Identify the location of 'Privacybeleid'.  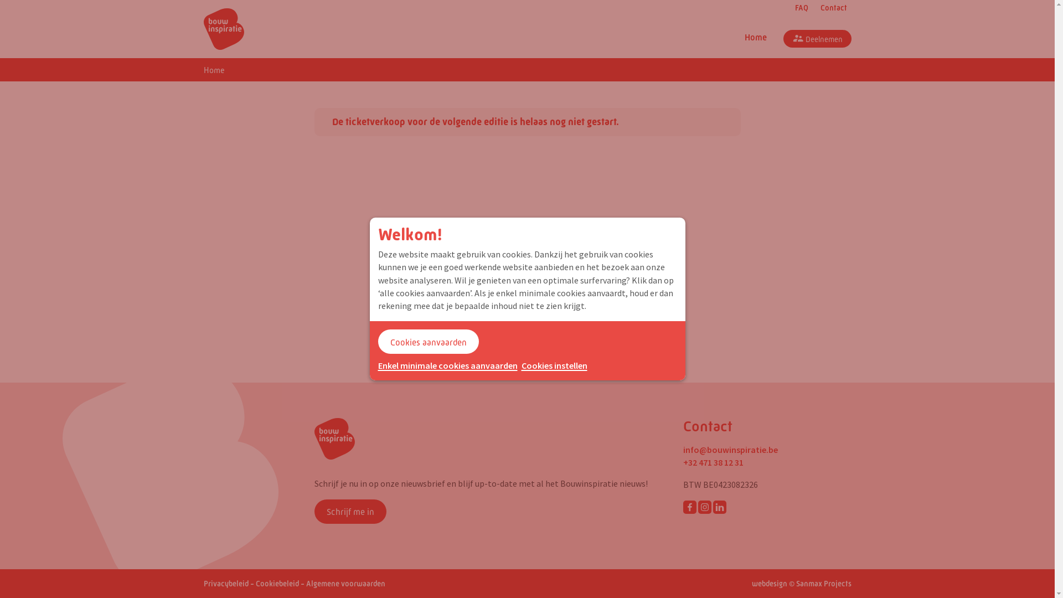
(225, 582).